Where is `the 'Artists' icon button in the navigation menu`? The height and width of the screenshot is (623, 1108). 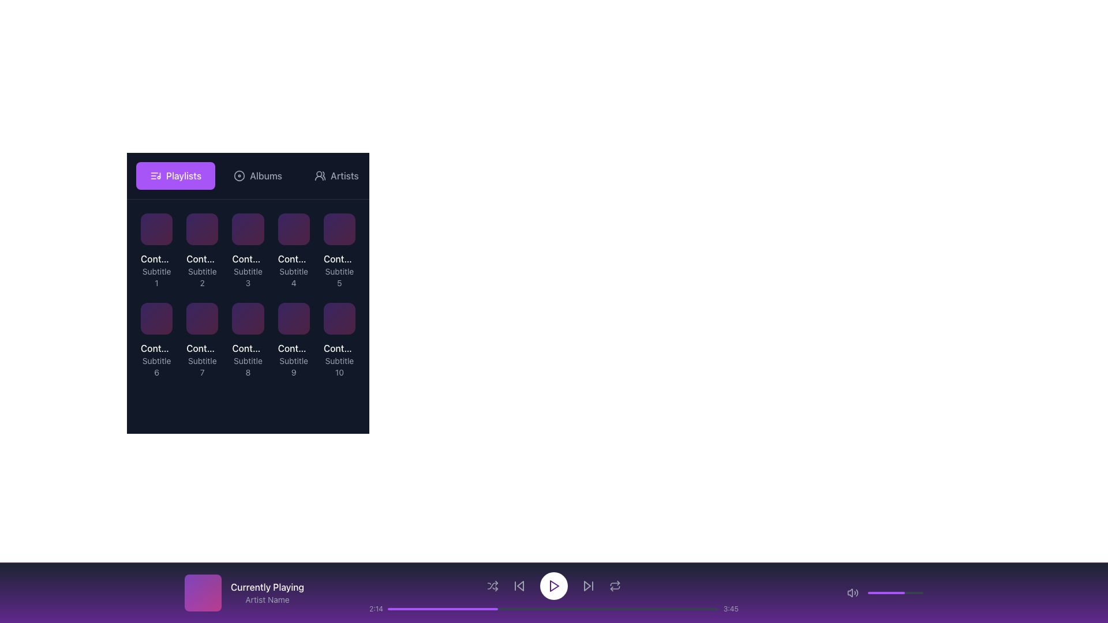
the 'Artists' icon button in the navigation menu is located at coordinates (320, 175).